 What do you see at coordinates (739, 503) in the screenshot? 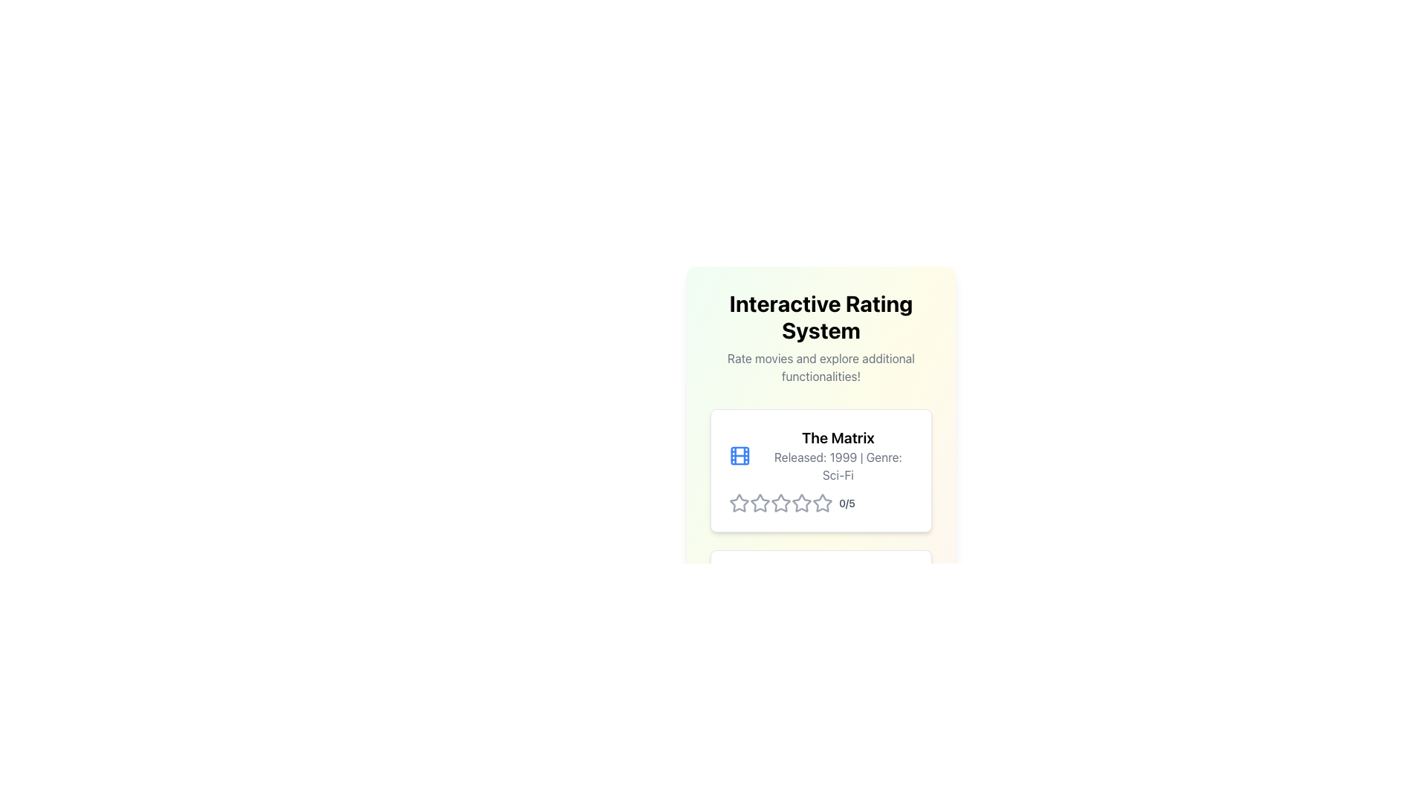
I see `the first star icon used for rating, which is part of a row of five stars below the movie description for 'The Matrix'` at bounding box center [739, 503].